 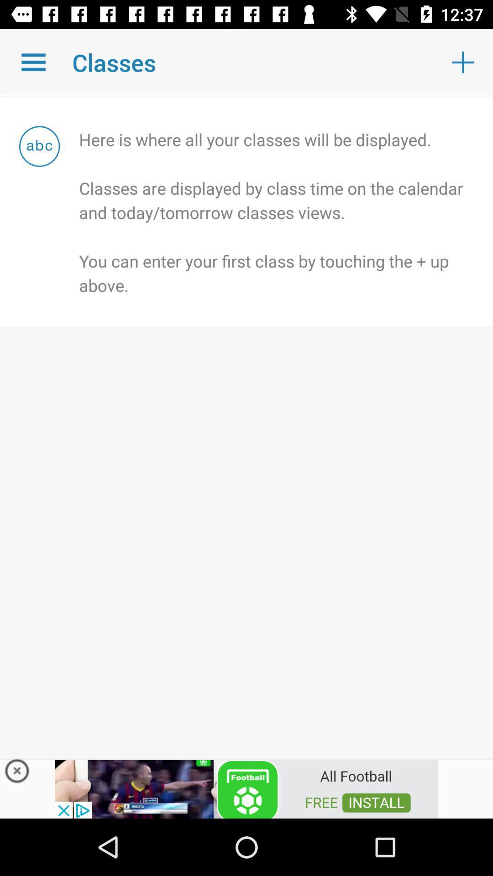 What do you see at coordinates (33, 62) in the screenshot?
I see `menu option` at bounding box center [33, 62].